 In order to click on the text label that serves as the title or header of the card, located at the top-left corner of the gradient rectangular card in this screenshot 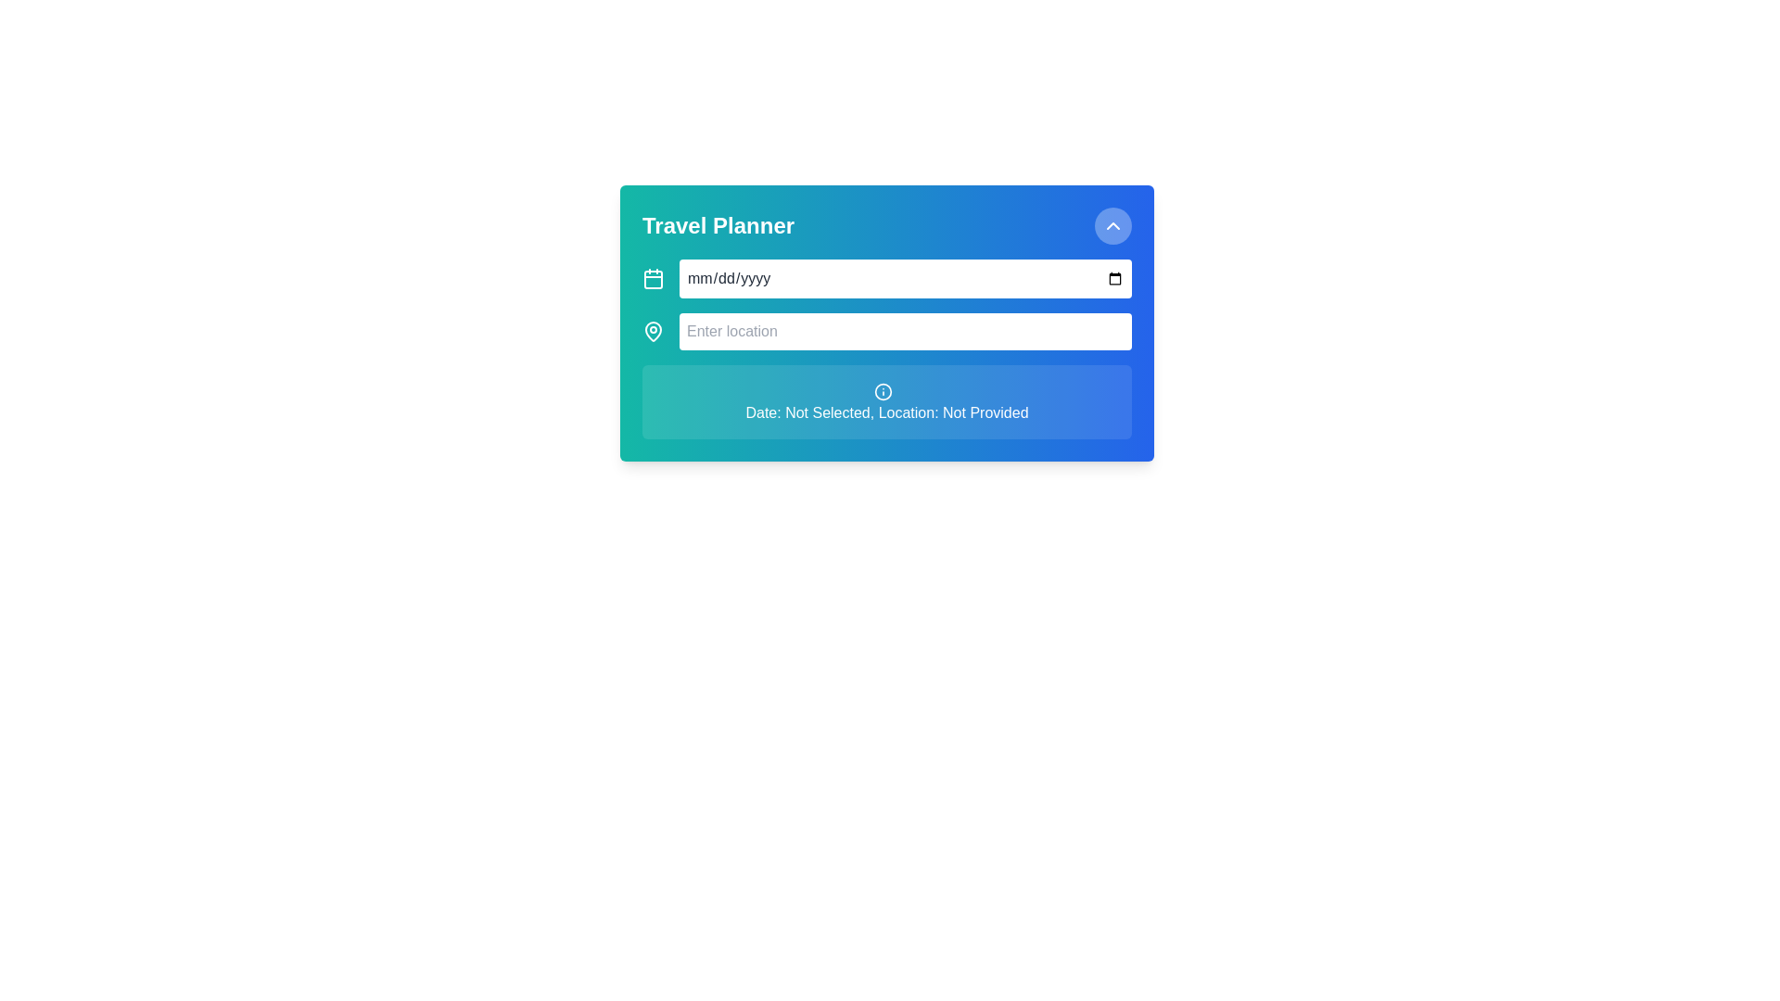, I will do `click(718, 224)`.